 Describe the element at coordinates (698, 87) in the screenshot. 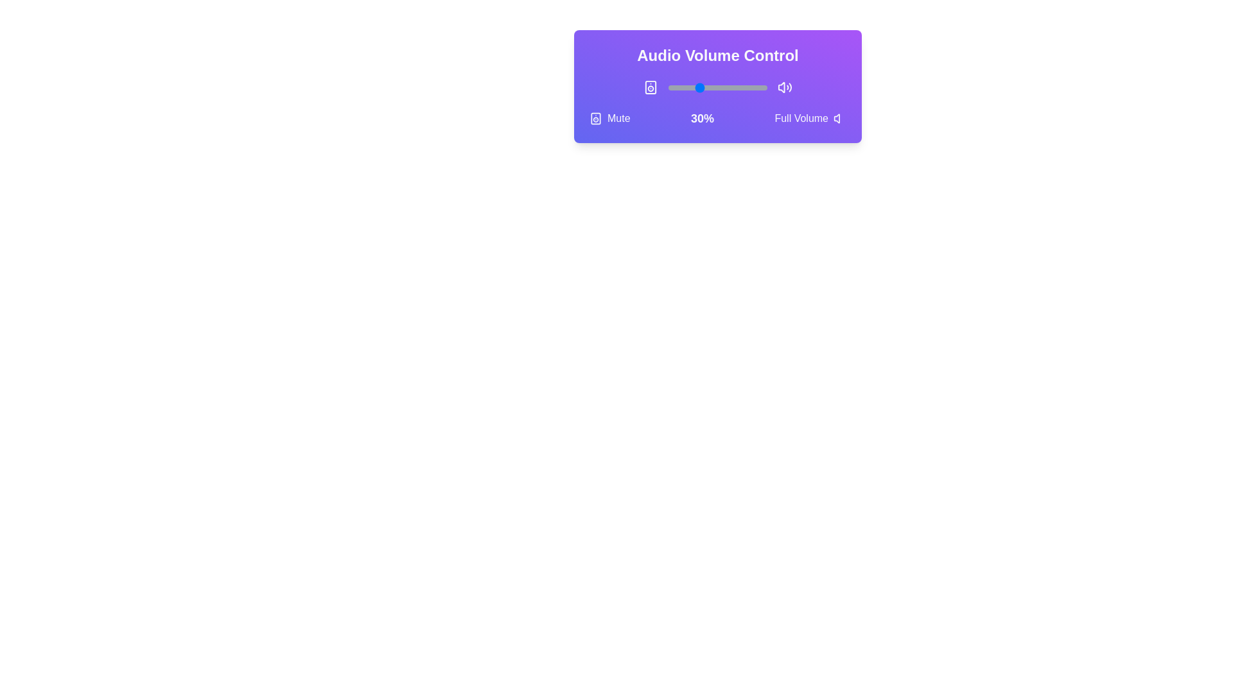

I see `the volume to 31% by adjusting the slider` at that location.